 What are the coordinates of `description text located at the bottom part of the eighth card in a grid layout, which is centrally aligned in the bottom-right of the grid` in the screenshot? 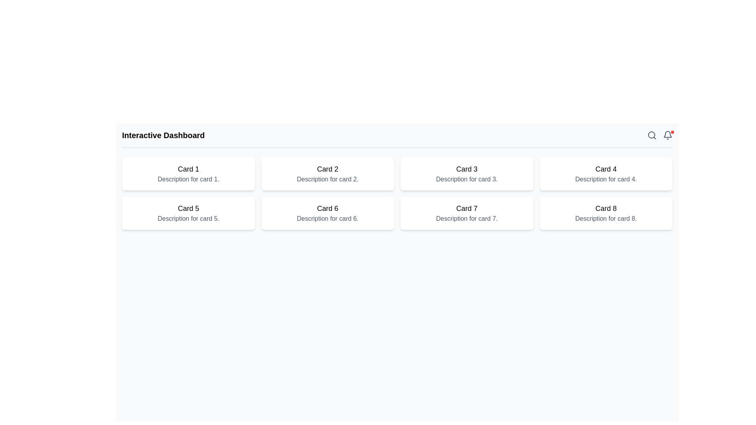 It's located at (606, 218).